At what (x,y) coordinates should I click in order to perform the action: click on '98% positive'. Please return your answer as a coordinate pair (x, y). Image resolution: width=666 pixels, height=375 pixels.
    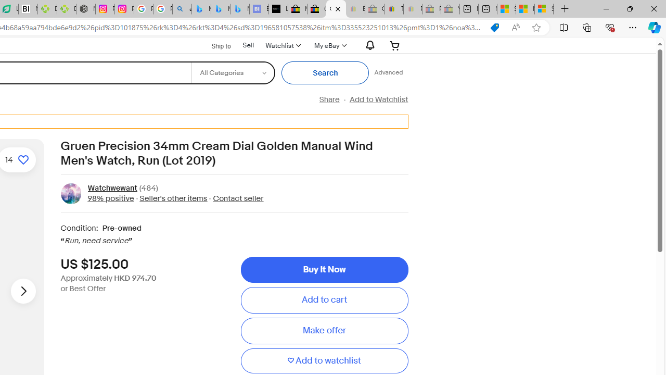
    Looking at the image, I should click on (111, 198).